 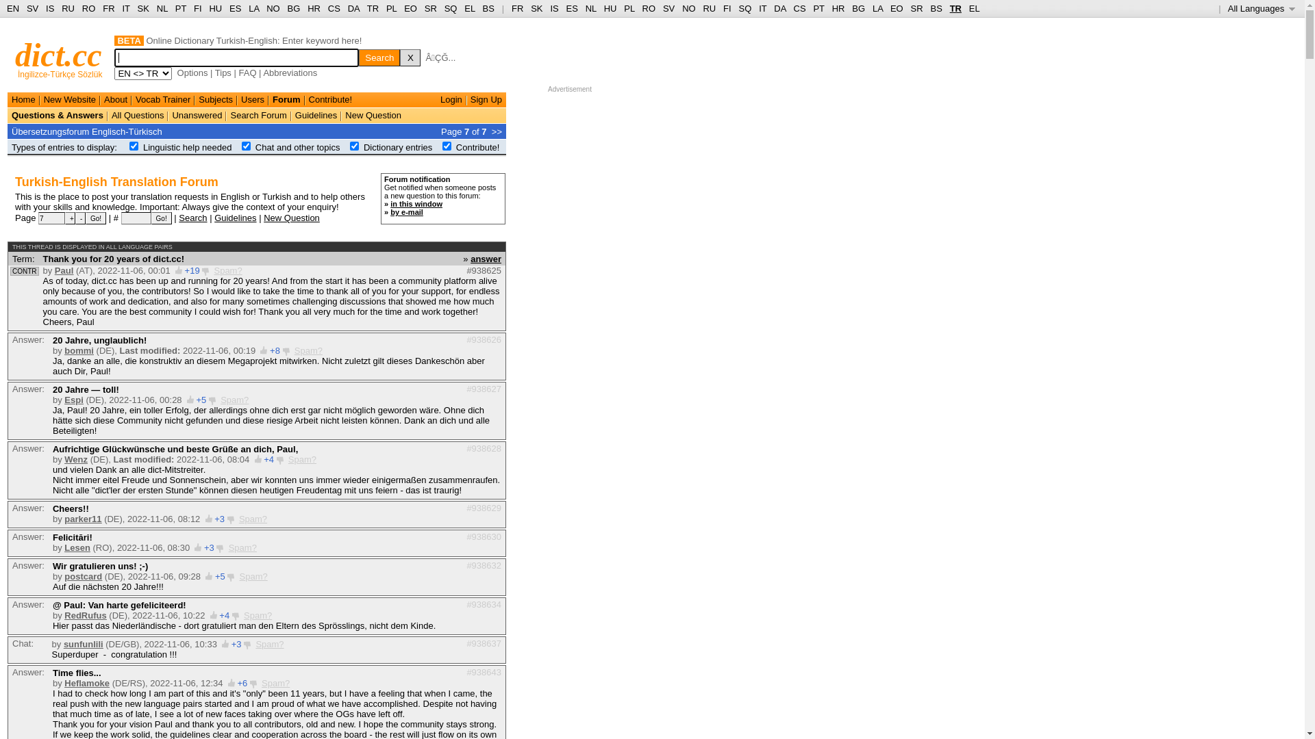 What do you see at coordinates (857, 8) in the screenshot?
I see `'BG'` at bounding box center [857, 8].